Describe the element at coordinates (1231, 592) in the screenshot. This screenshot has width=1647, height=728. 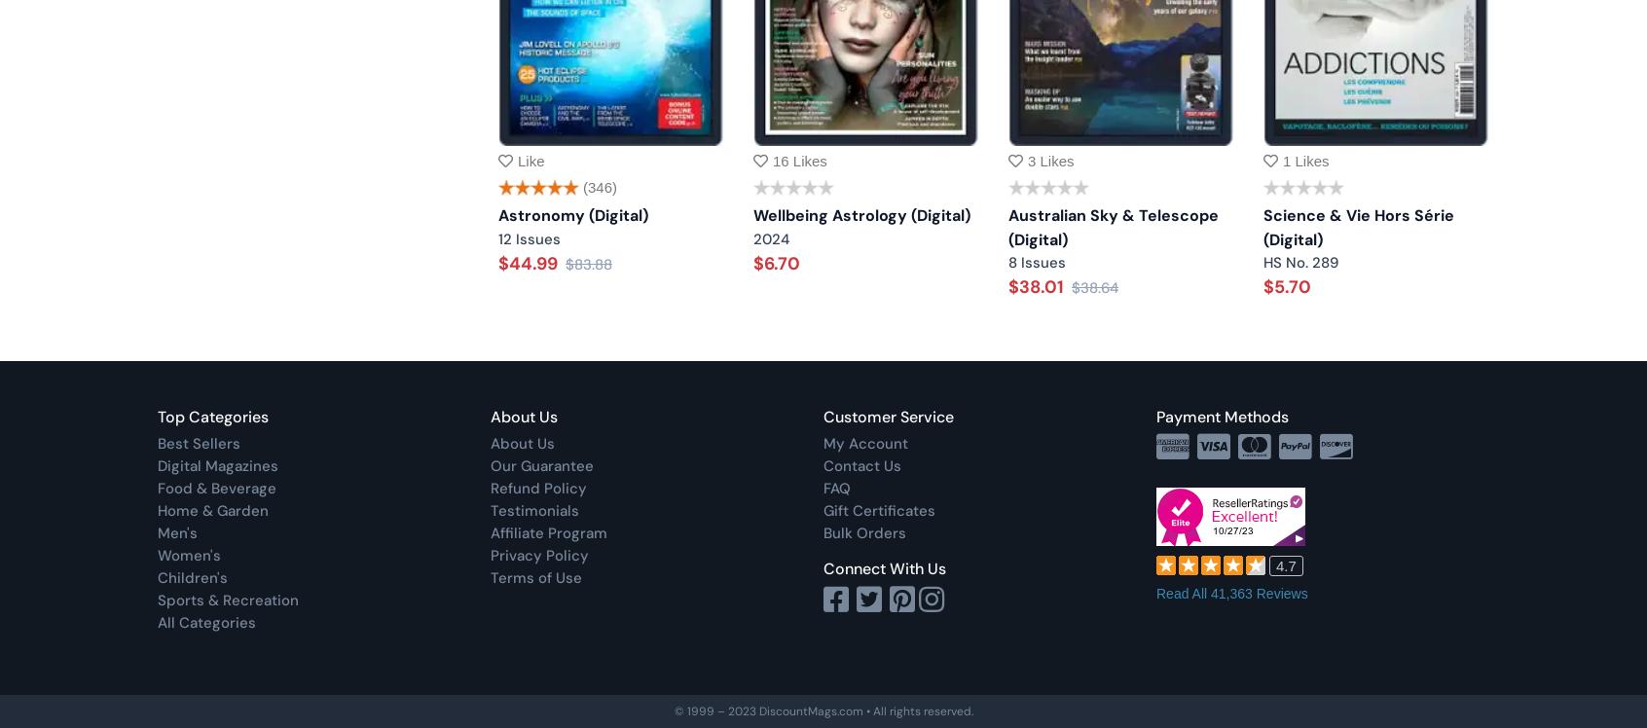
I see `'Read All 41,363 Reviews'` at that location.